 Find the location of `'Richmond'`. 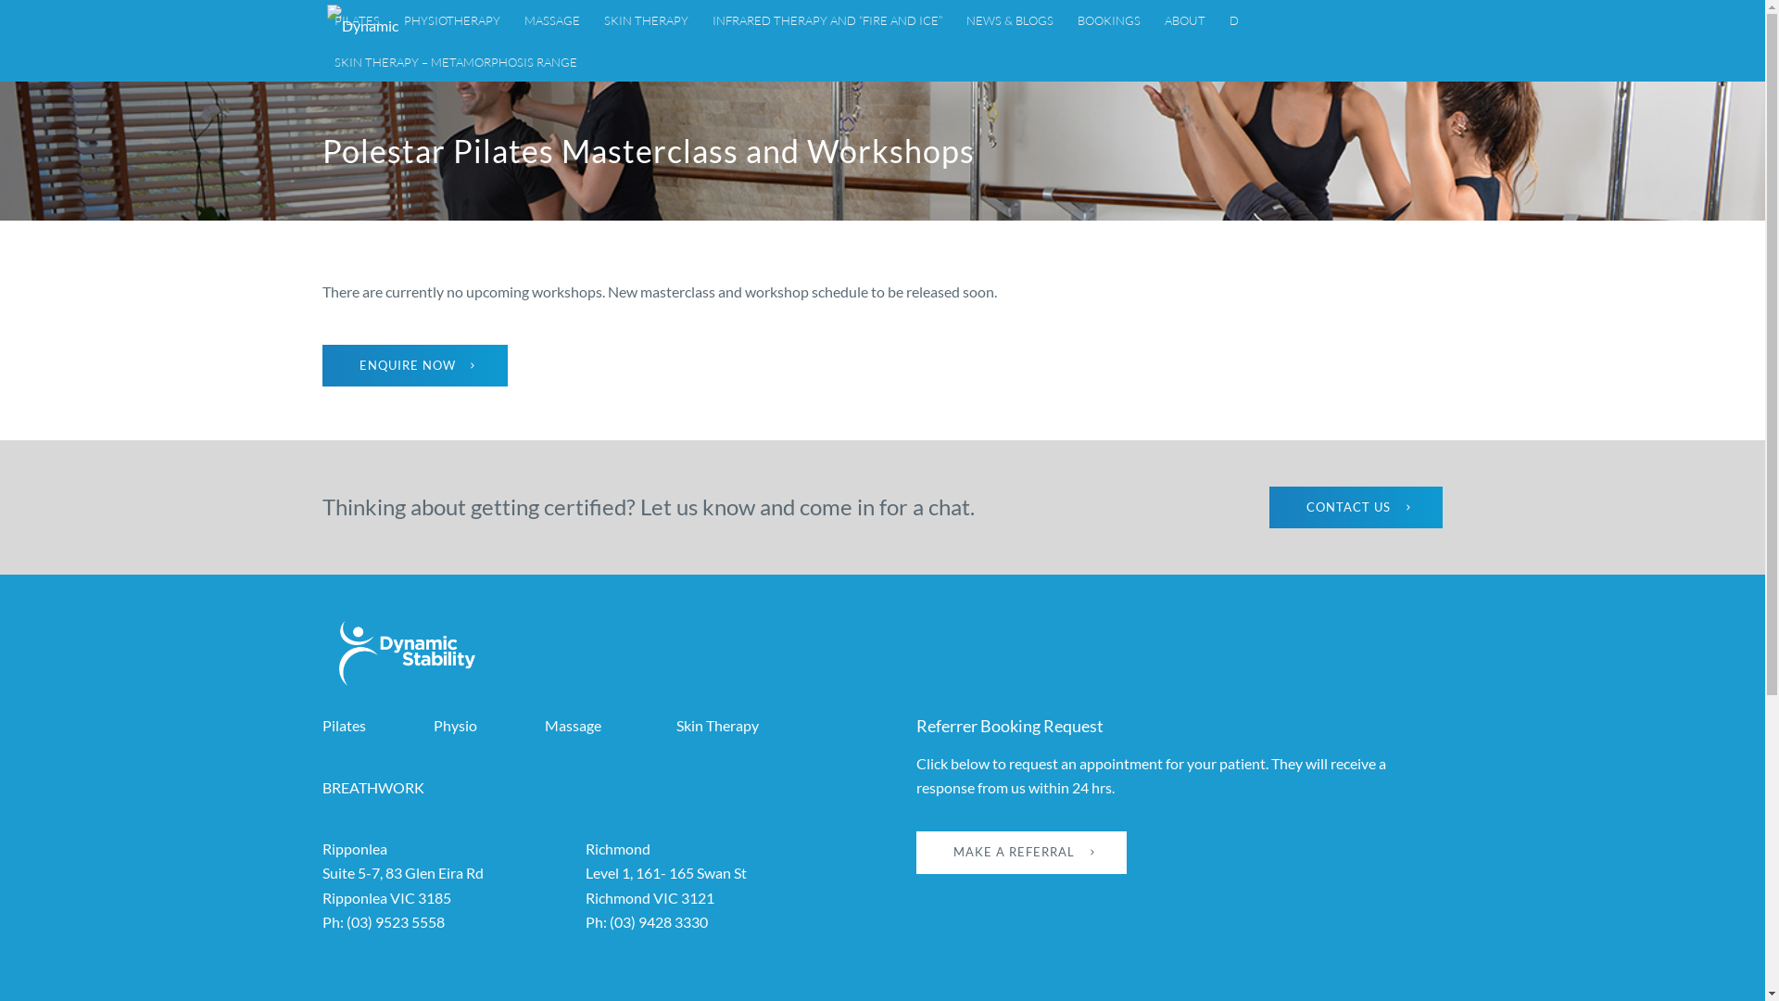

'Richmond' is located at coordinates (618, 848).